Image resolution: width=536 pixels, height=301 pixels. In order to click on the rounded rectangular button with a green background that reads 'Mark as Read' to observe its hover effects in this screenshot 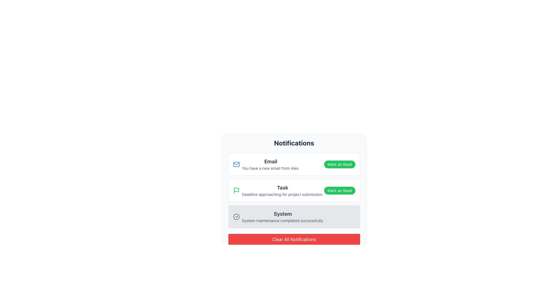, I will do `click(339, 190)`.